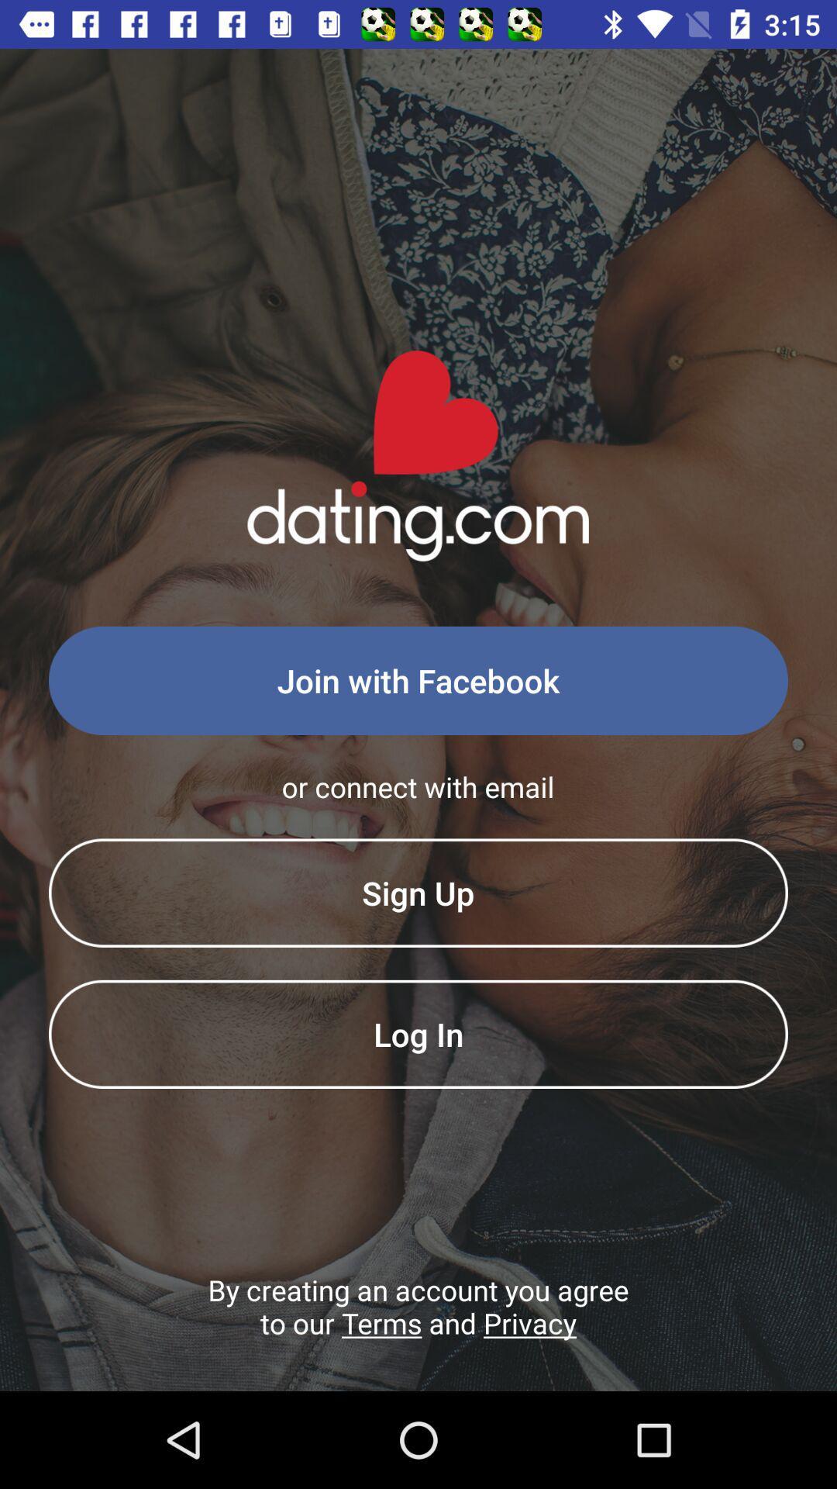  I want to click on the join with facebook, so click(418, 680).